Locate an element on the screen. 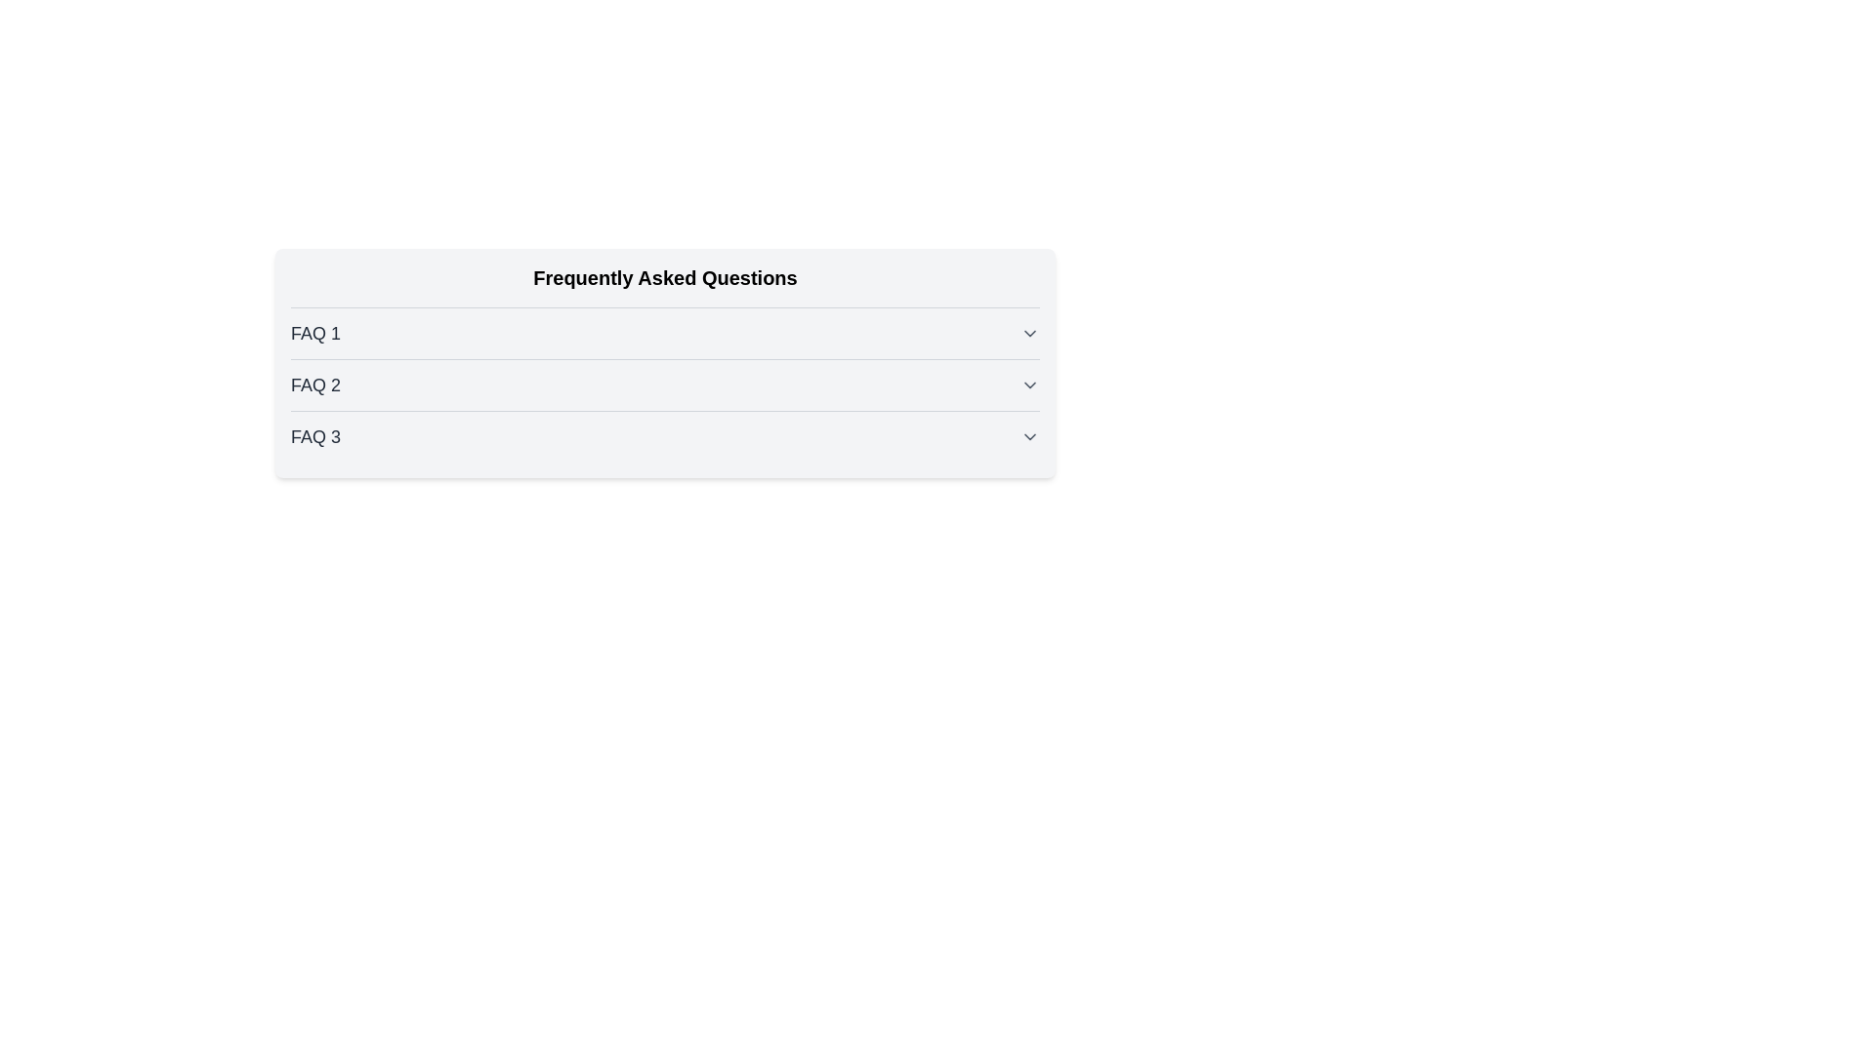 The width and height of the screenshot is (1875, 1054). the chevron-down icon located to the right of the text 'FAQ 1' to indicate the section is active is located at coordinates (1029, 333).